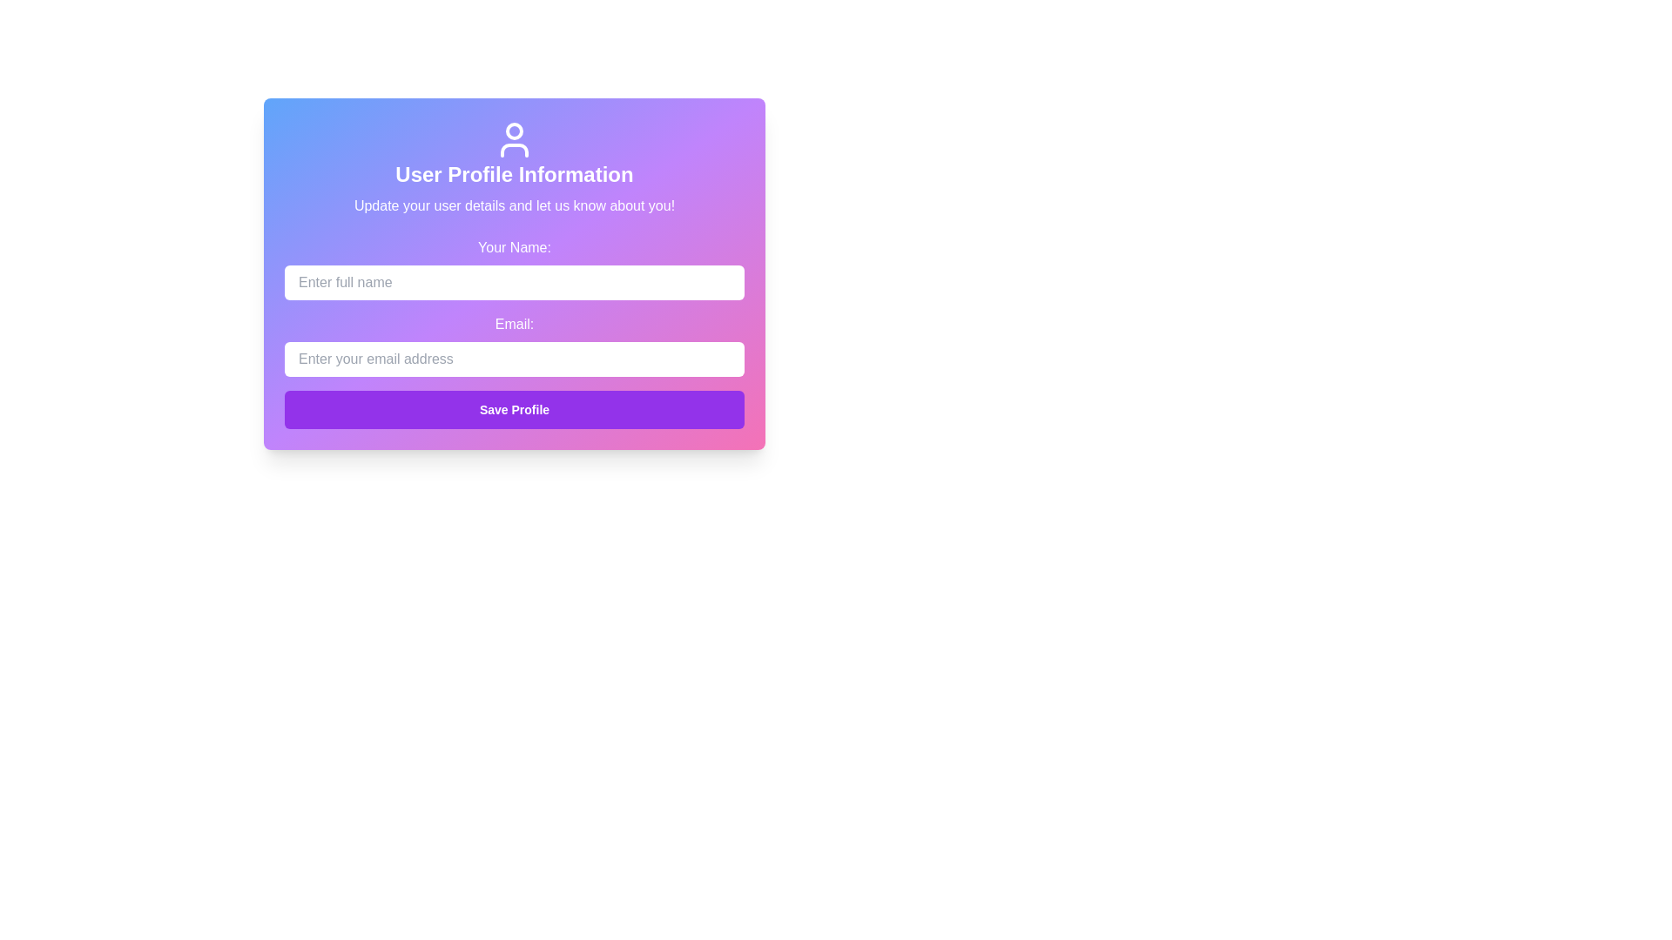 Image resolution: width=1672 pixels, height=940 pixels. Describe the element at coordinates (513, 325) in the screenshot. I see `the 'Email:' label text, which is styled in white on a gradient background and positioned above the email input field in the lower portion of the modal window` at that location.